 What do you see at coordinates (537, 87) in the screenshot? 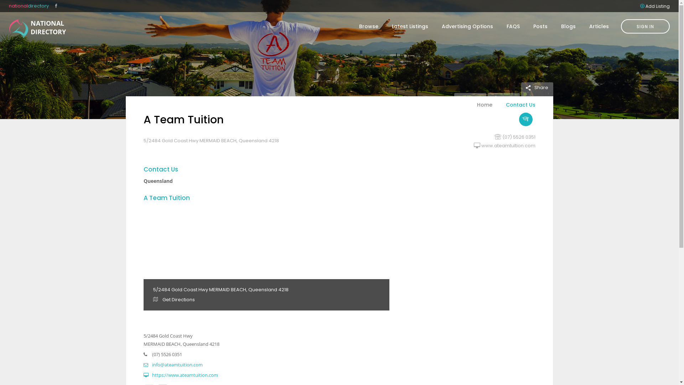
I see `'Share'` at bounding box center [537, 87].